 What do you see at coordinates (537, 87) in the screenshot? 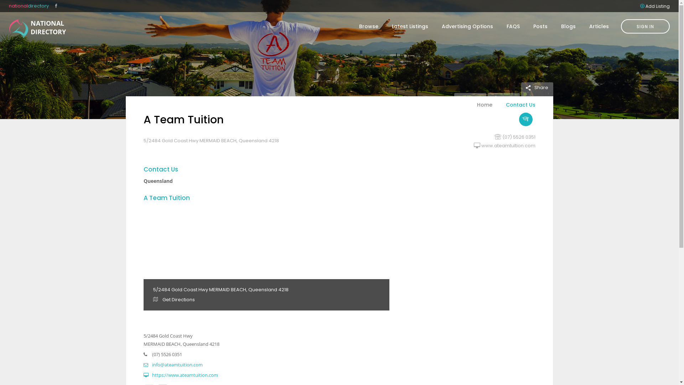
I see `'Share'` at bounding box center [537, 87].